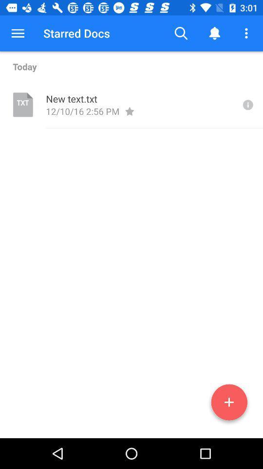 This screenshot has width=263, height=469. Describe the element at coordinates (229, 404) in the screenshot. I see `the add icon` at that location.